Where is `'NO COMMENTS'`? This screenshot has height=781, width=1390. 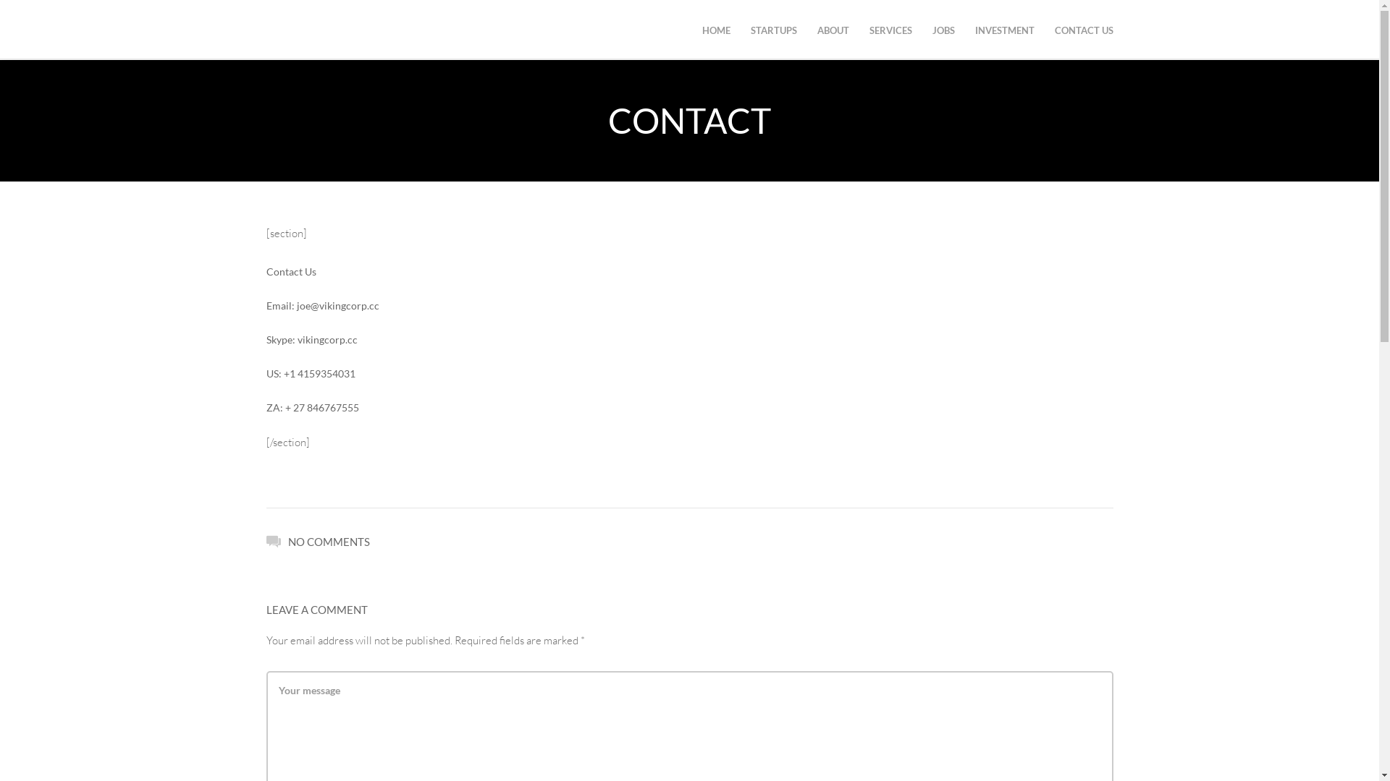 'NO COMMENTS' is located at coordinates (317, 540).